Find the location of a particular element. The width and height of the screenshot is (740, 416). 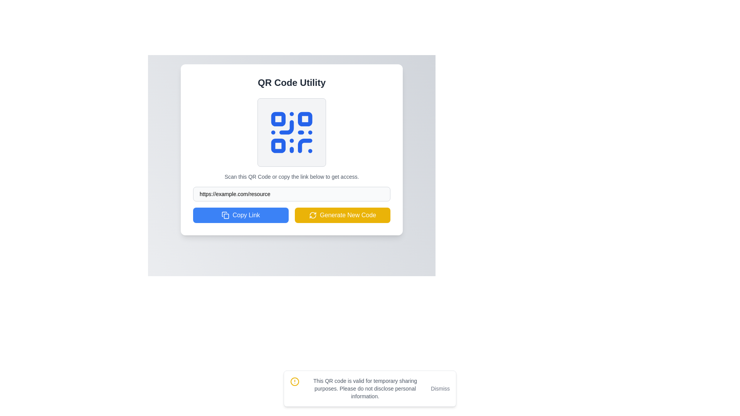

the bottom-left square node of the QR code graphic, which is part of the scannable QR code design is located at coordinates (278, 146).